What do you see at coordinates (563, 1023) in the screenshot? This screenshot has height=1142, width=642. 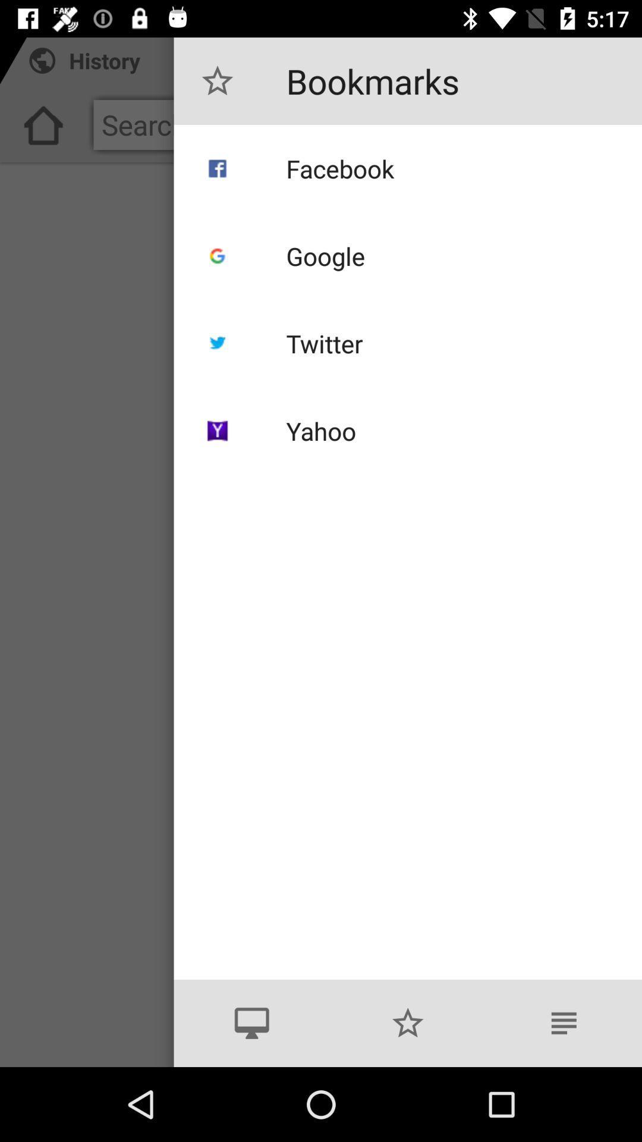 I see `menu which is bottom right corner of the page` at bounding box center [563, 1023].